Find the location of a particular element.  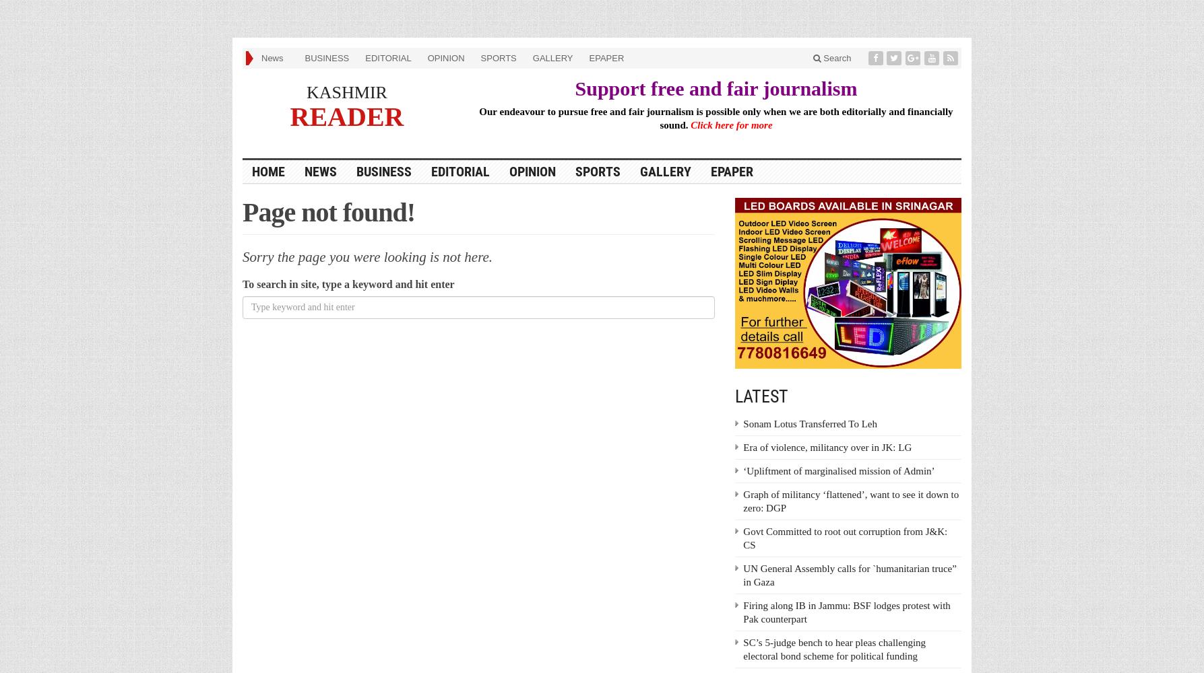

'Page not found!' is located at coordinates (329, 211).